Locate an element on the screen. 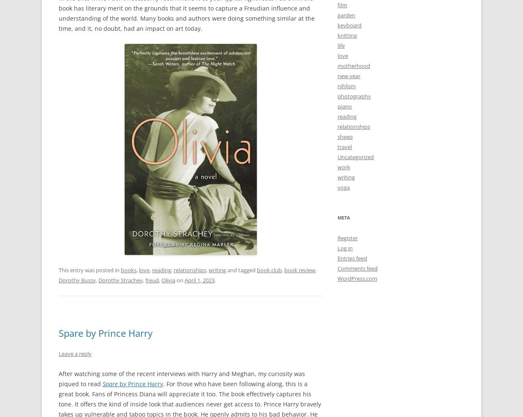 This screenshot has width=523, height=417. 'After watching some of the recent interviews with Harry and Meghan, my curiosity was piqued to read' is located at coordinates (181, 378).